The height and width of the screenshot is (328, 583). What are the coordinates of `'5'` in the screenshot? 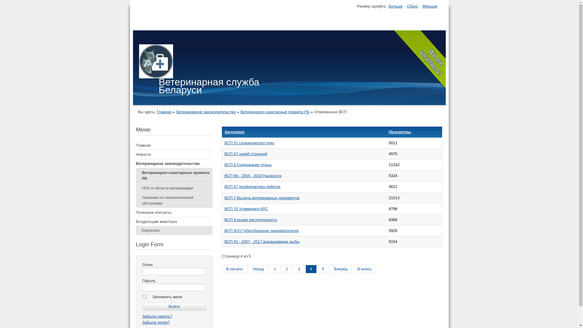 It's located at (323, 269).